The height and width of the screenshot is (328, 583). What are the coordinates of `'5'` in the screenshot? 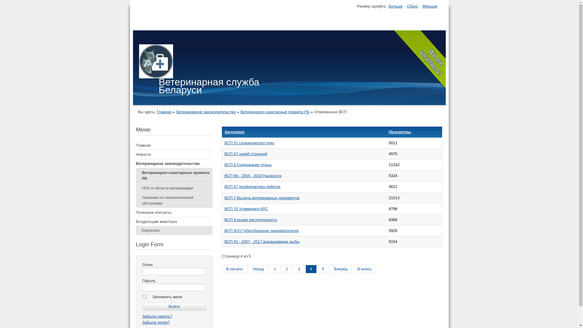 It's located at (323, 269).